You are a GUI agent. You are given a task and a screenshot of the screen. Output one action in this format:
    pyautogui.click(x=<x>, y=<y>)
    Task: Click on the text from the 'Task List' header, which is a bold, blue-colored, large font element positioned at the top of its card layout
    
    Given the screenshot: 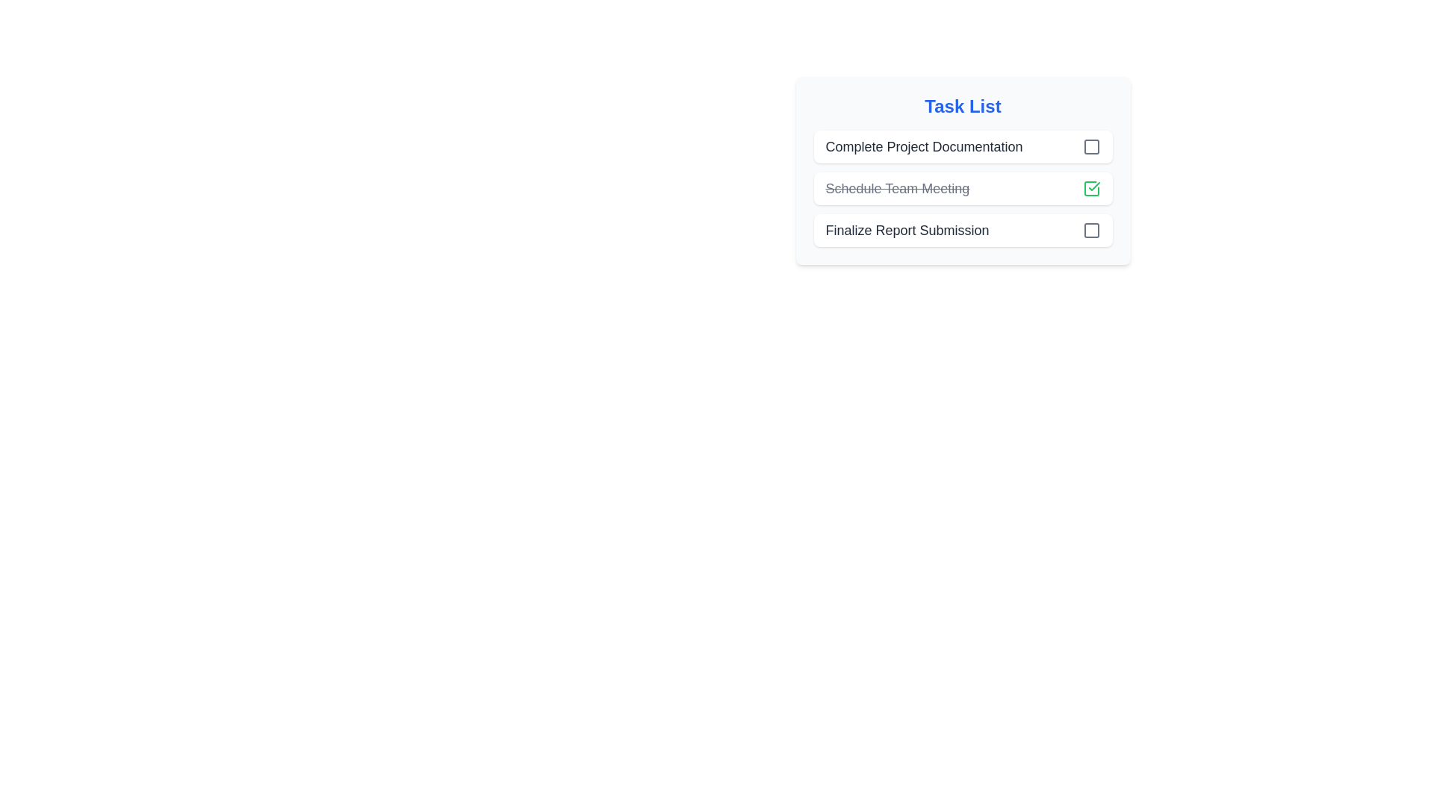 What is the action you would take?
    pyautogui.click(x=963, y=105)
    